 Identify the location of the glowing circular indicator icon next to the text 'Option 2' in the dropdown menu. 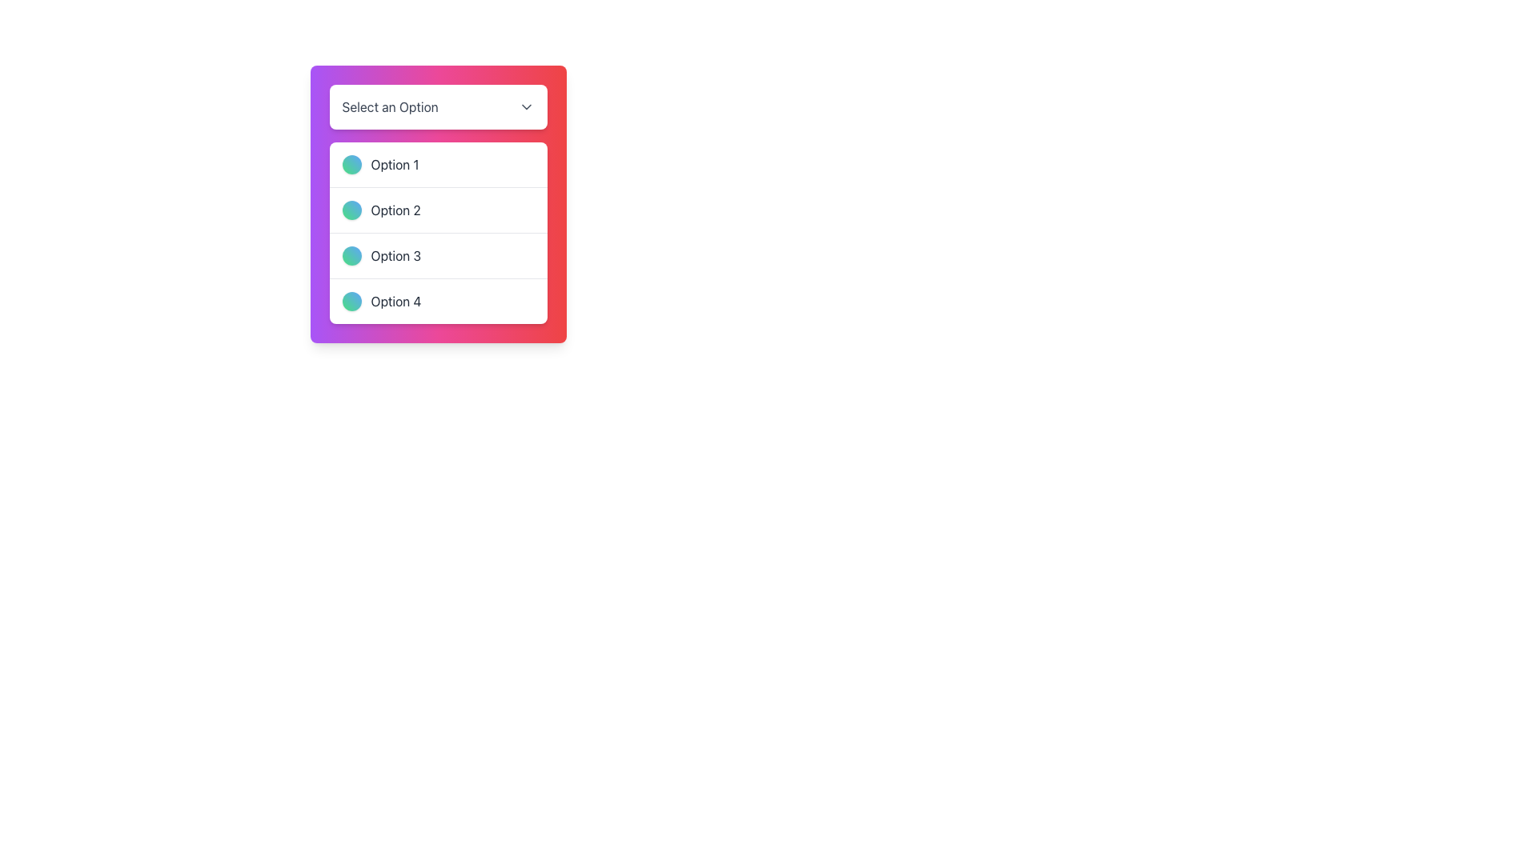
(351, 209).